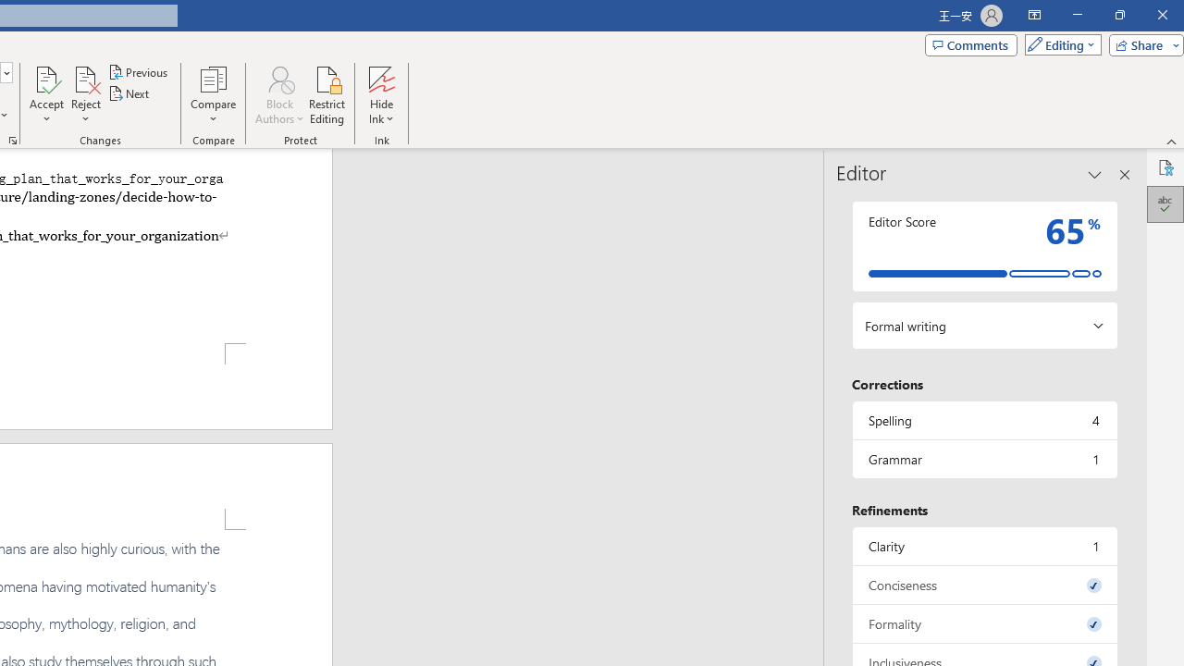 This screenshot has height=666, width=1184. What do you see at coordinates (46, 95) in the screenshot?
I see `'Accept'` at bounding box center [46, 95].